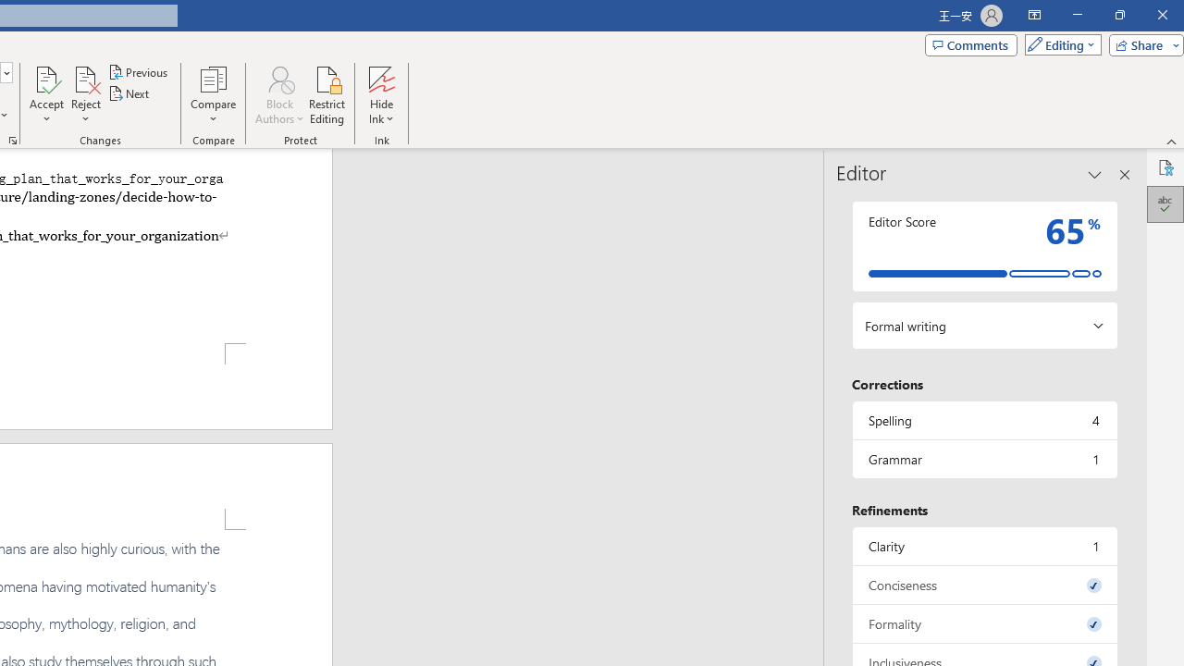 This screenshot has height=666, width=1184. What do you see at coordinates (46, 95) in the screenshot?
I see `'Accept'` at bounding box center [46, 95].